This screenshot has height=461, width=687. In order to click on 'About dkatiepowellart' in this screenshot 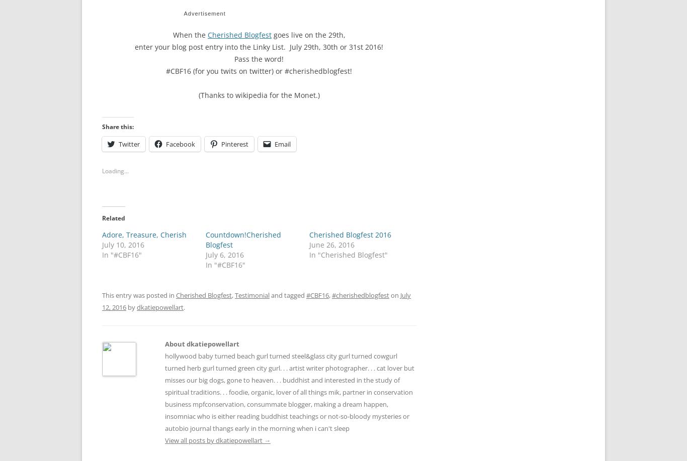, I will do `click(202, 341)`.